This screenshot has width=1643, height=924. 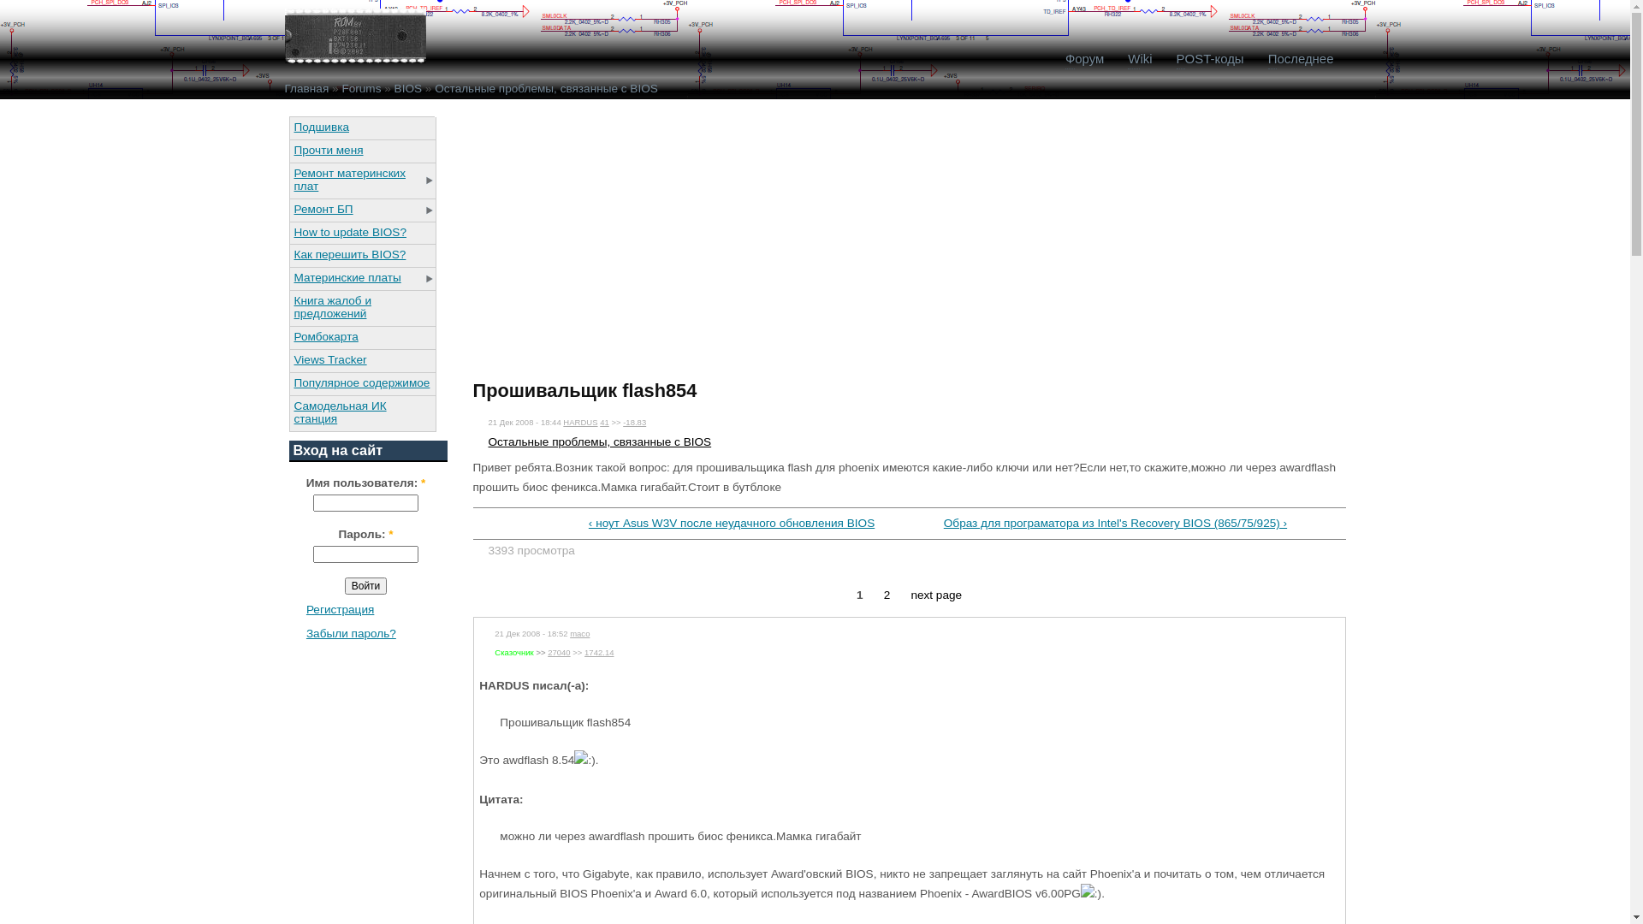 What do you see at coordinates (539, 652) in the screenshot?
I see `'>>'` at bounding box center [539, 652].